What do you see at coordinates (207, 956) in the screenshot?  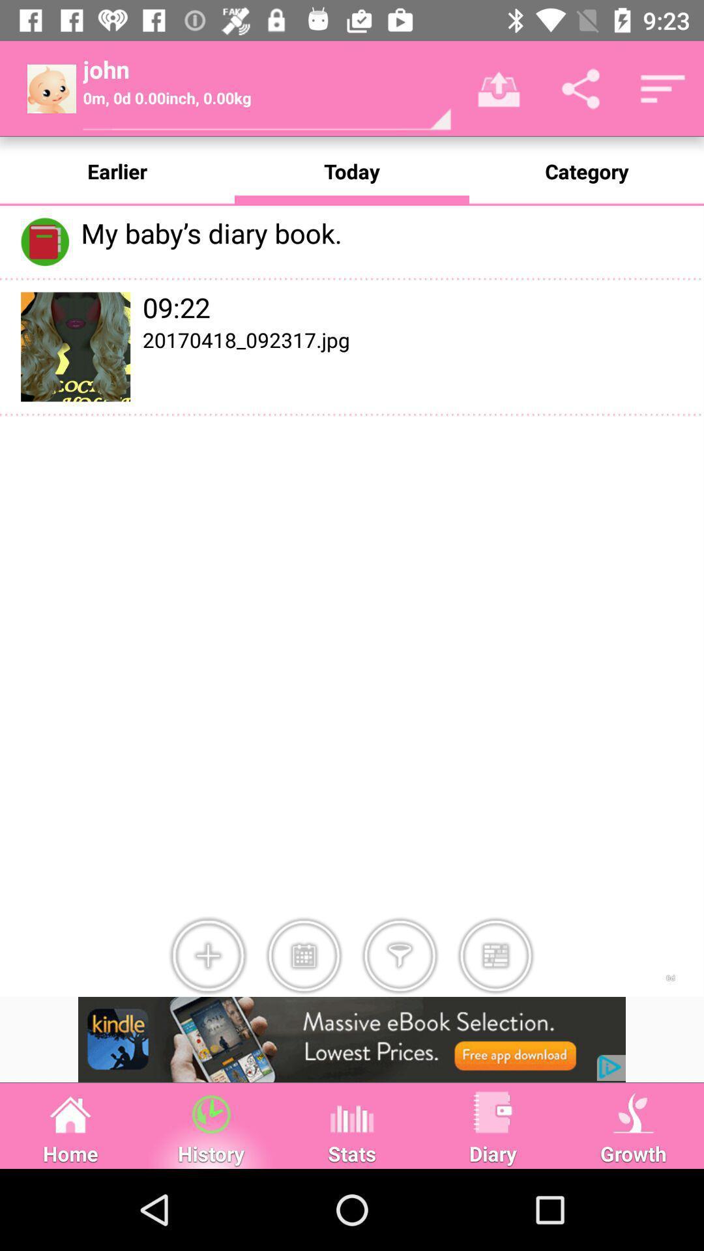 I see `the add icon` at bounding box center [207, 956].